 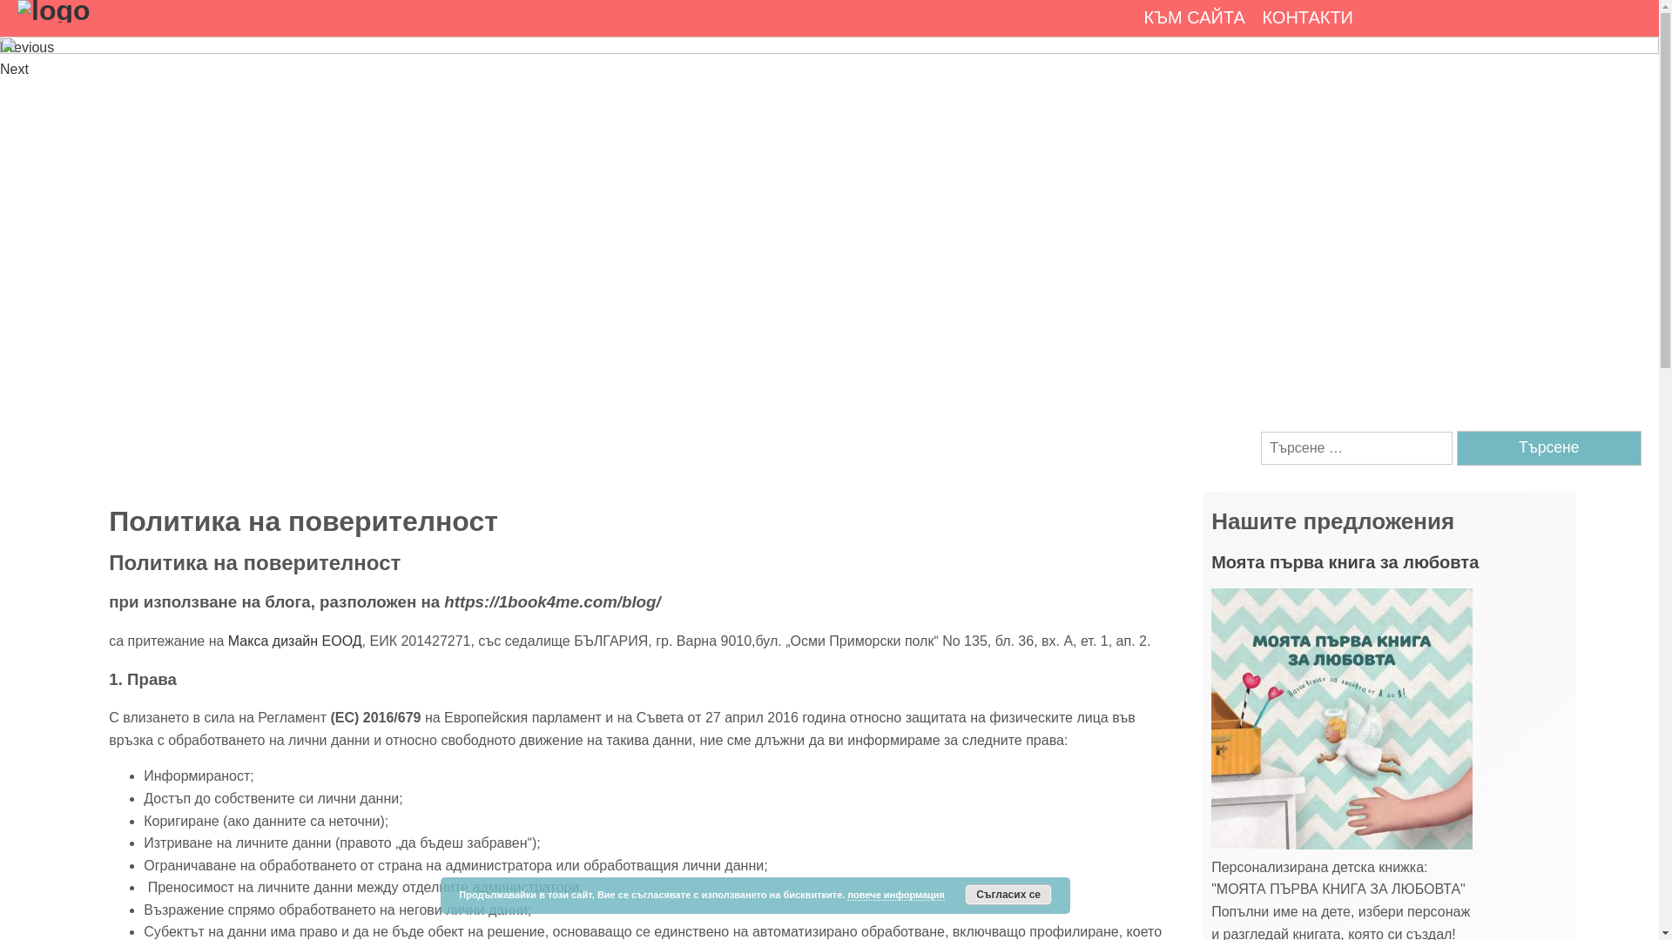 I want to click on 'Previous', so click(x=0, y=46).